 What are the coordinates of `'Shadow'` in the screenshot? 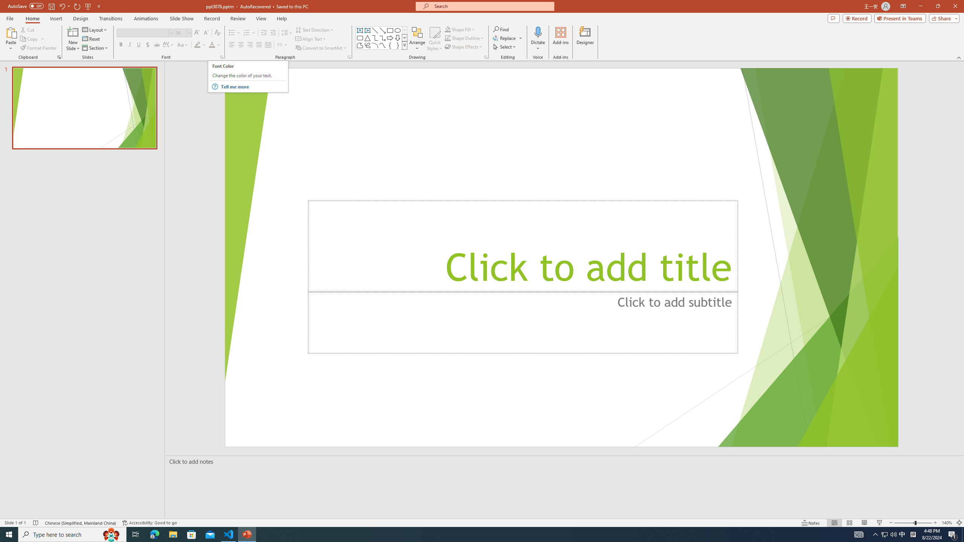 It's located at (147, 44).